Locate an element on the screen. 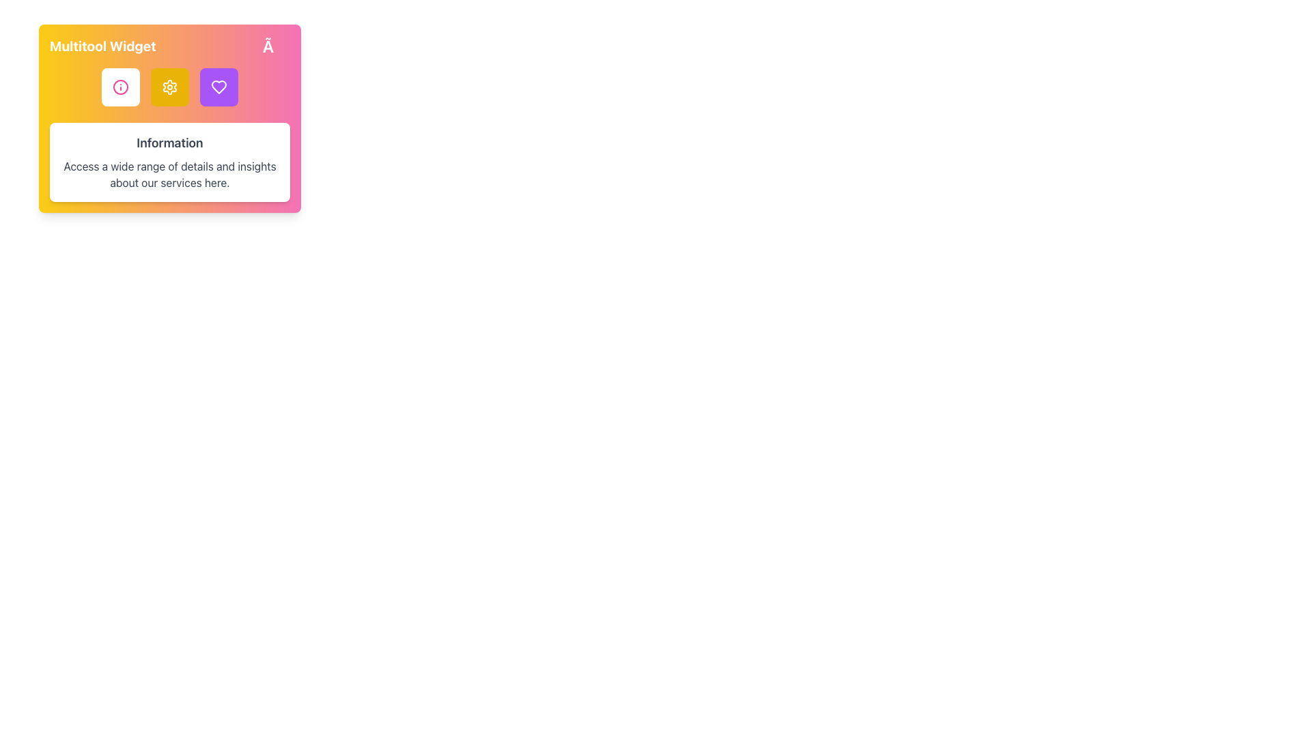  the descriptive text element that provides details about the services, located below the title labeled 'Information' is located at coordinates (169, 173).